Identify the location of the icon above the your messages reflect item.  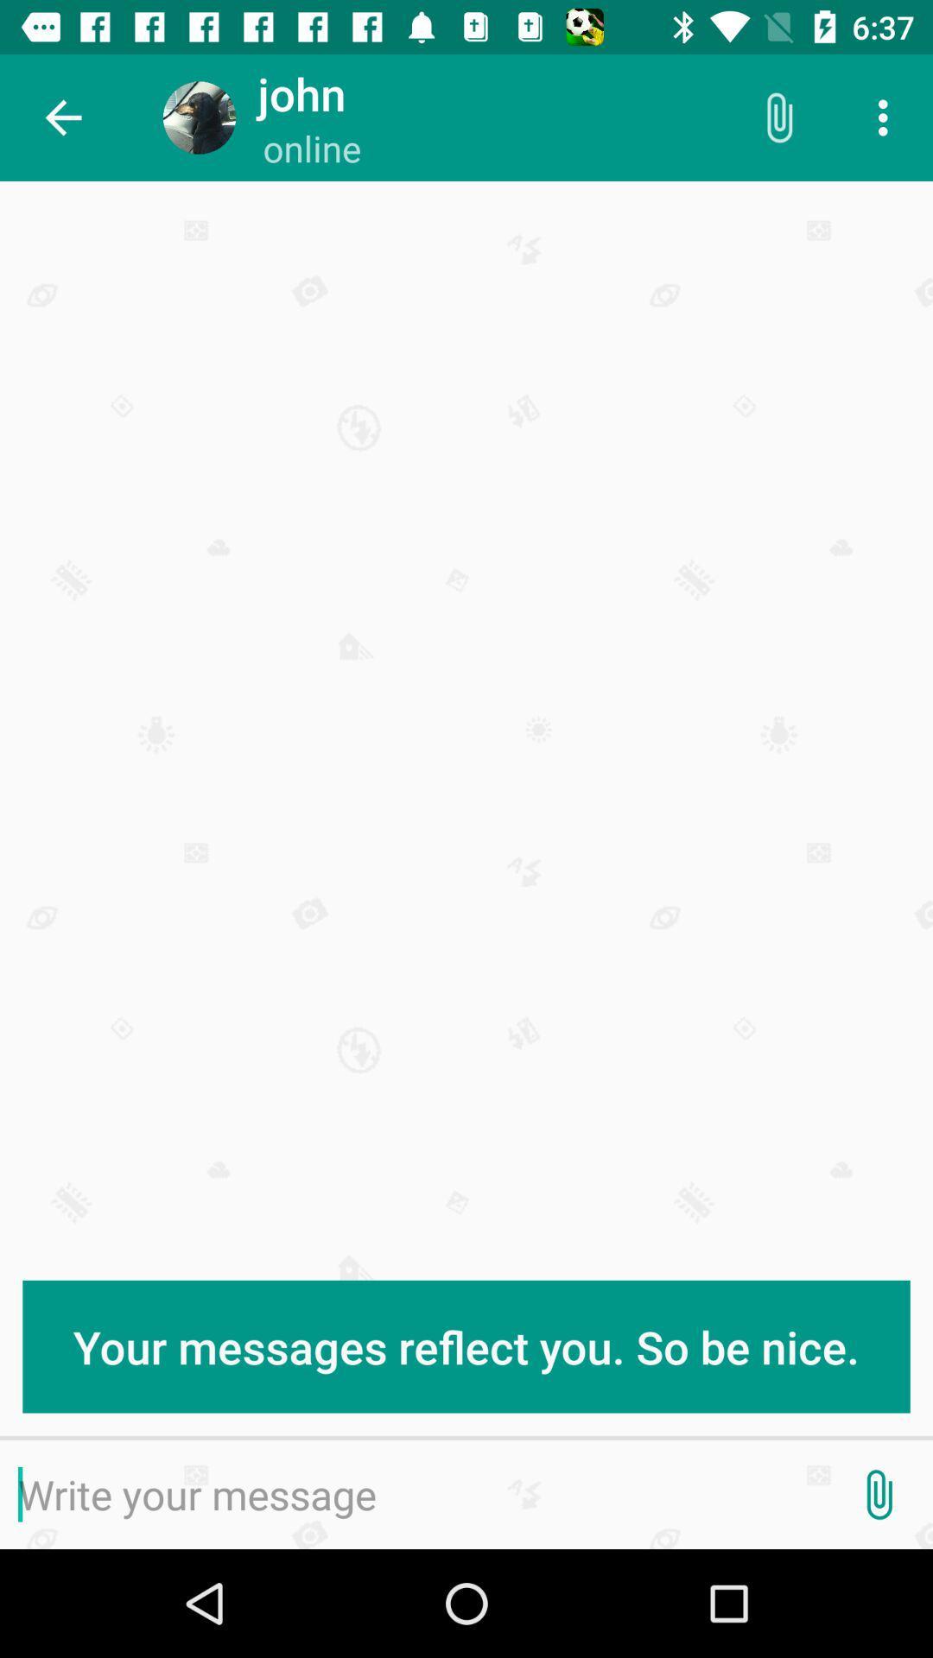
(778, 117).